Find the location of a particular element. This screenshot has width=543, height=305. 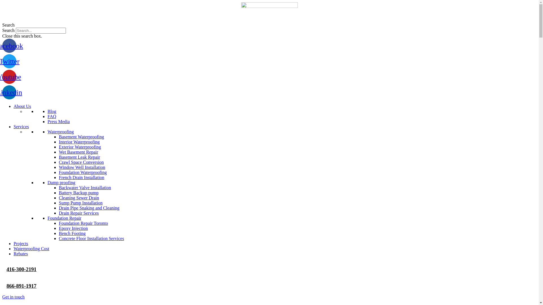

'Epoxy Injection' is located at coordinates (73, 228).